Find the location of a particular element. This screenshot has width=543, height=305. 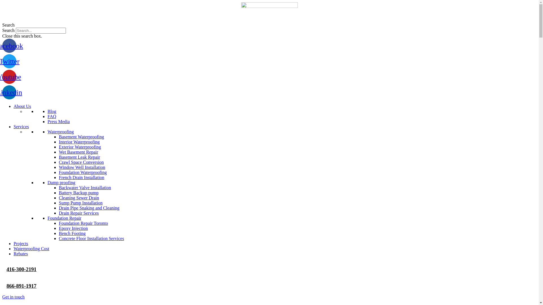

'Epoxy Injection' is located at coordinates (73, 228).